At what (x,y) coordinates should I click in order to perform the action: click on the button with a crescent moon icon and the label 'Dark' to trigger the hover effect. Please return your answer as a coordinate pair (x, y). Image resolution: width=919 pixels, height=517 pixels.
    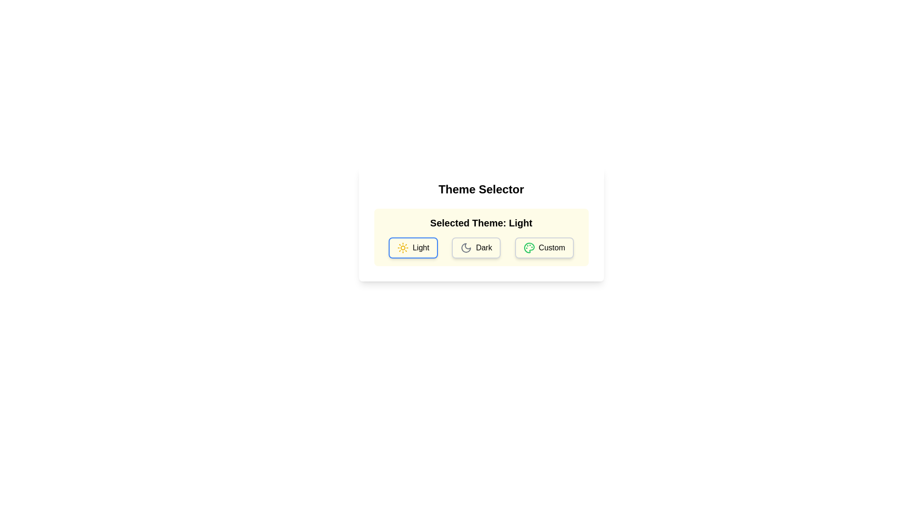
    Looking at the image, I should click on (476, 247).